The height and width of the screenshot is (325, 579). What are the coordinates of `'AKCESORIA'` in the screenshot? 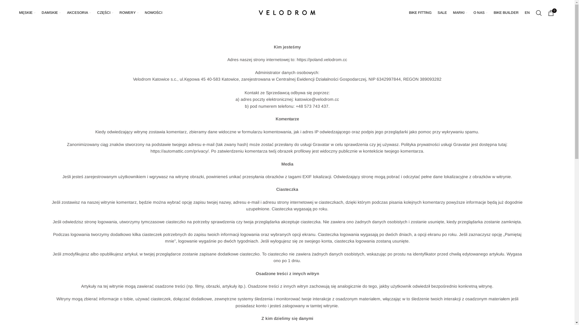 It's located at (79, 13).